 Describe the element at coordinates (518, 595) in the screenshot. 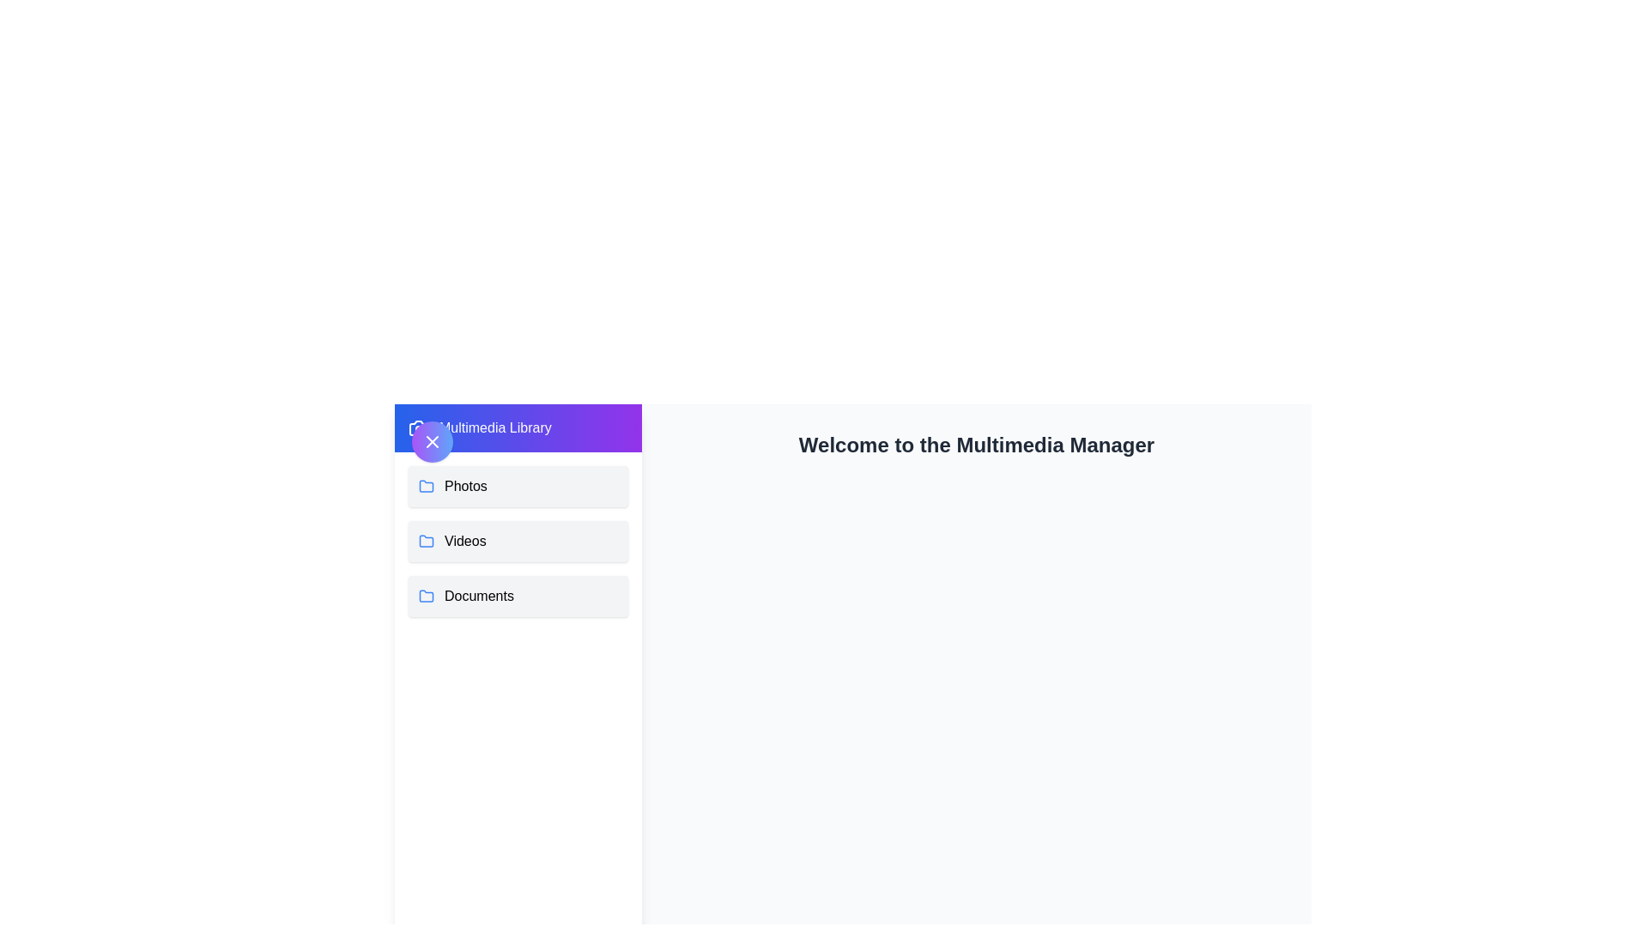

I see `the category Documents from the menu` at that location.